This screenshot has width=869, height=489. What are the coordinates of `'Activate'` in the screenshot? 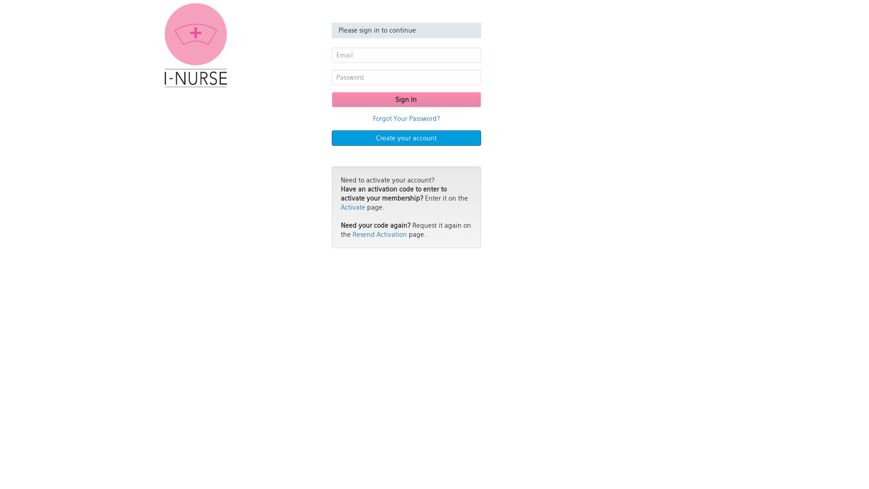 It's located at (352, 207).